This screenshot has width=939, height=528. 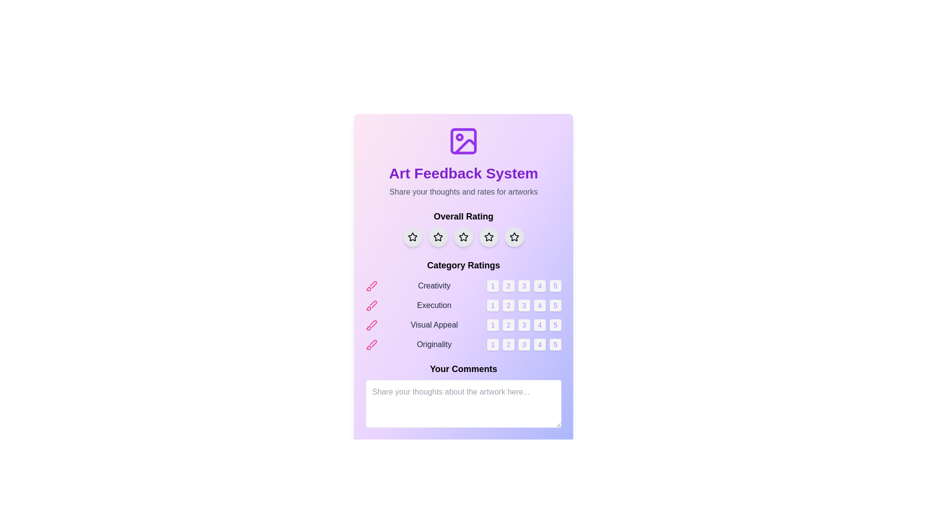 I want to click on the second icon in the vertical list that visually identifies the 'Execution' category, located directly to the left of the 'Execution' category label, so click(x=373, y=304).